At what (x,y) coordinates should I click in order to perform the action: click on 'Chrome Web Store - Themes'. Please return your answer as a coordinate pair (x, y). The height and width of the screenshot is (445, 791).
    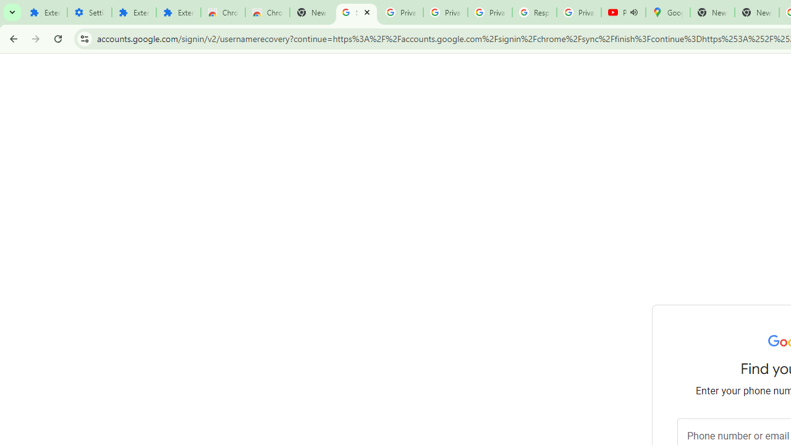
    Looking at the image, I should click on (266, 12).